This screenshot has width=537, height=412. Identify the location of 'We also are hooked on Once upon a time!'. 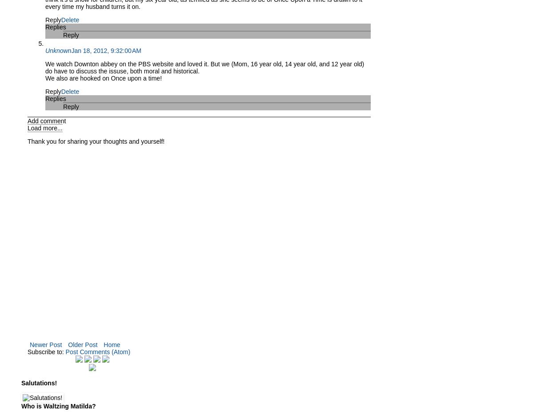
(104, 78).